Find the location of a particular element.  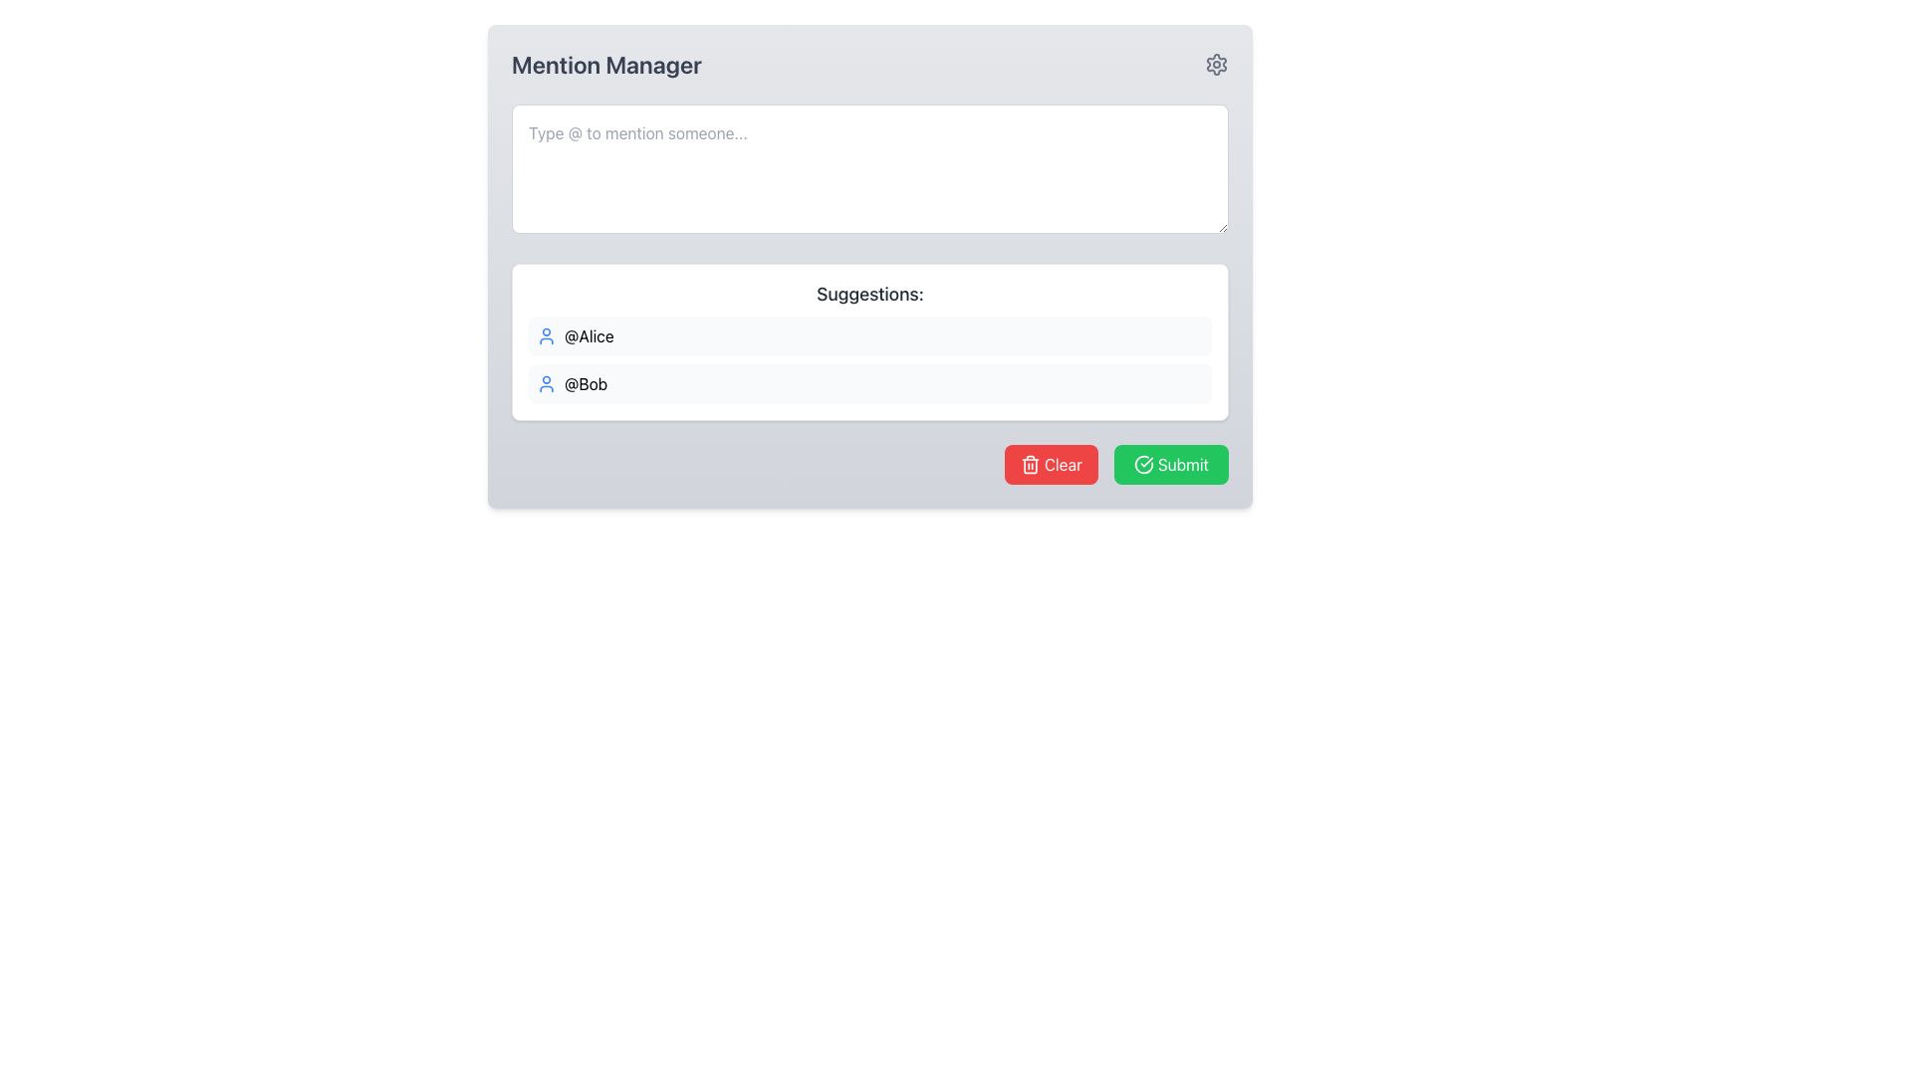

the large green 'Submit' button with a checkmark icon is located at coordinates (1171, 464).